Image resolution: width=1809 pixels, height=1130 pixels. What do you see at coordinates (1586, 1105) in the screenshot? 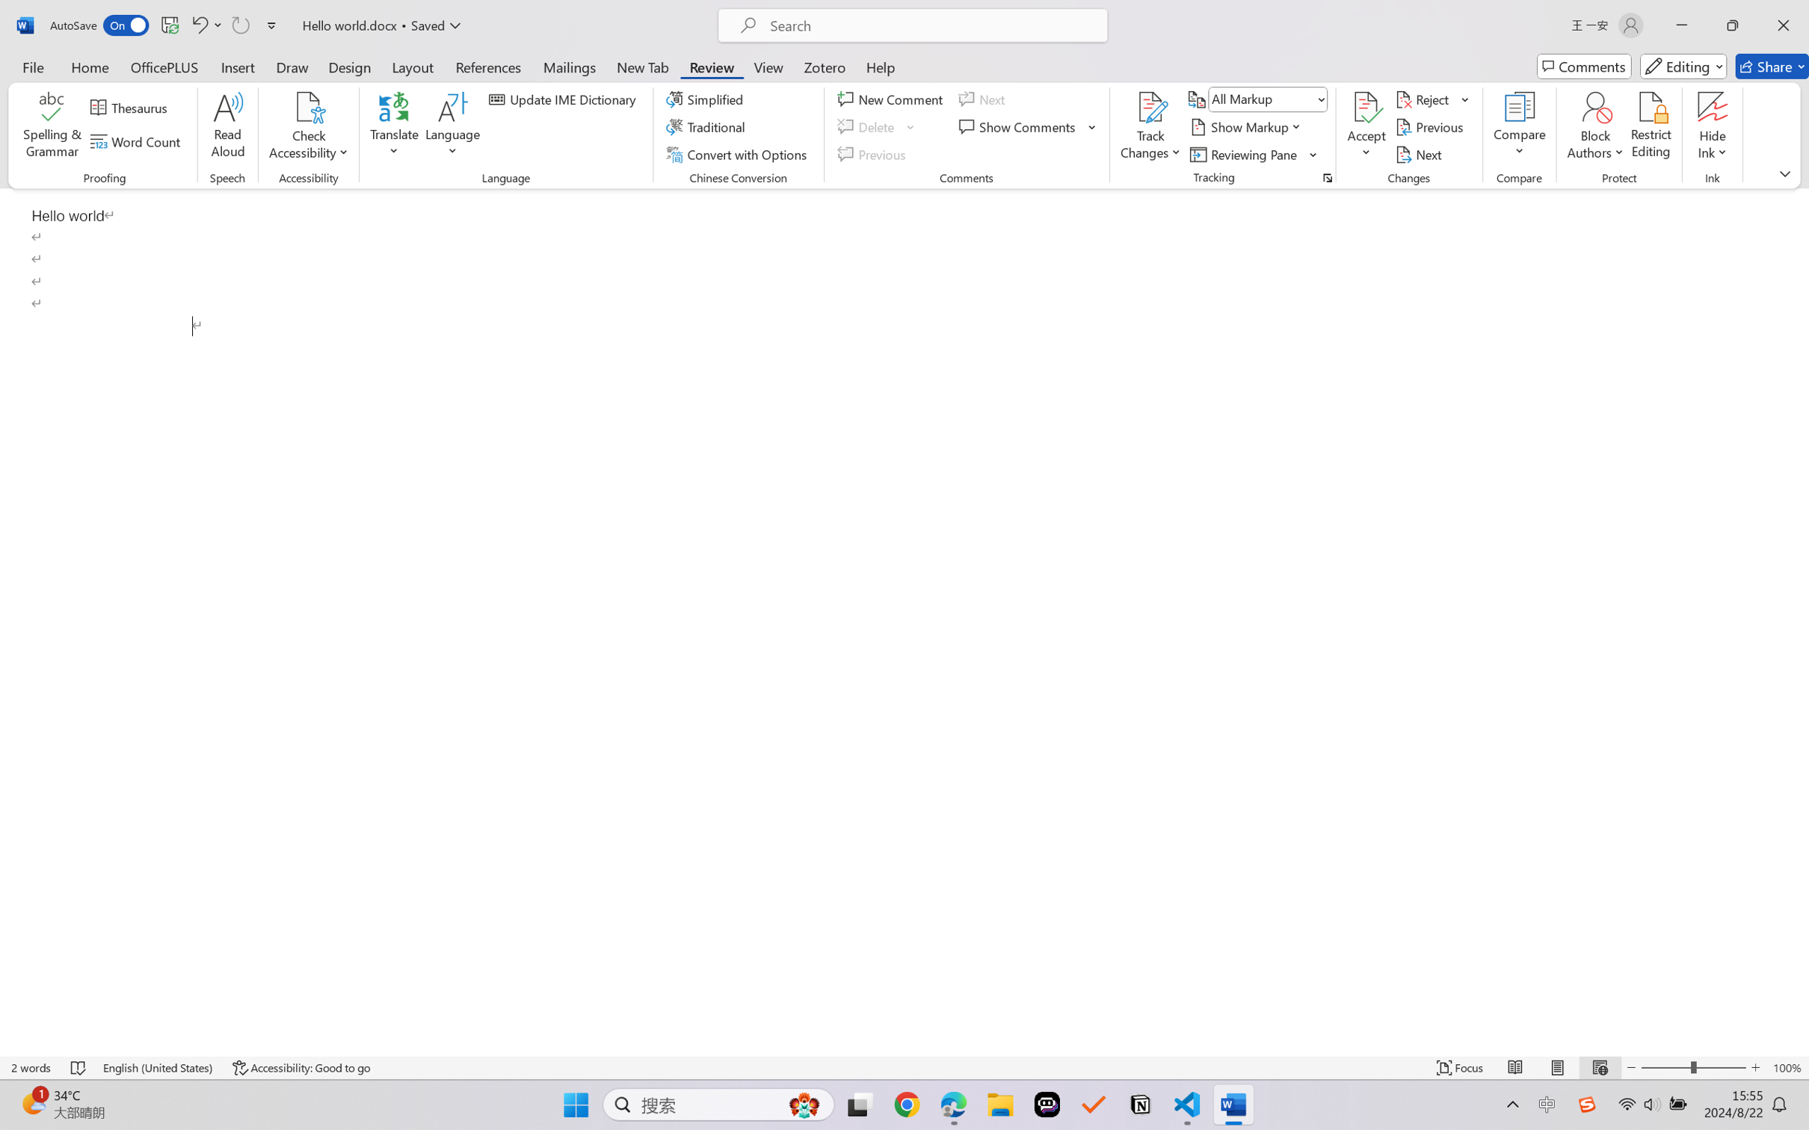
I see `'Class: Image'` at bounding box center [1586, 1105].